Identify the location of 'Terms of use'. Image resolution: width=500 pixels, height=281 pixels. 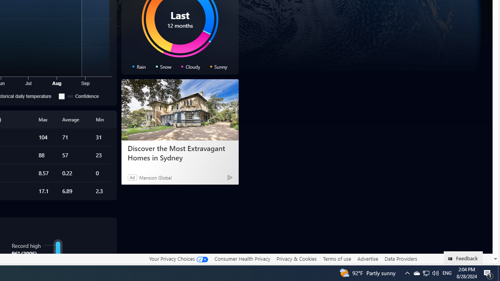
(337, 258).